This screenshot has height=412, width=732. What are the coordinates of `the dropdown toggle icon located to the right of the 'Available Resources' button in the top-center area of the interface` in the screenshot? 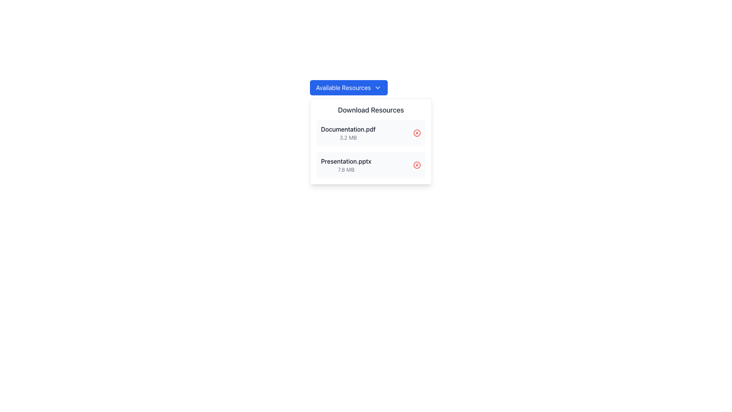 It's located at (378, 87).